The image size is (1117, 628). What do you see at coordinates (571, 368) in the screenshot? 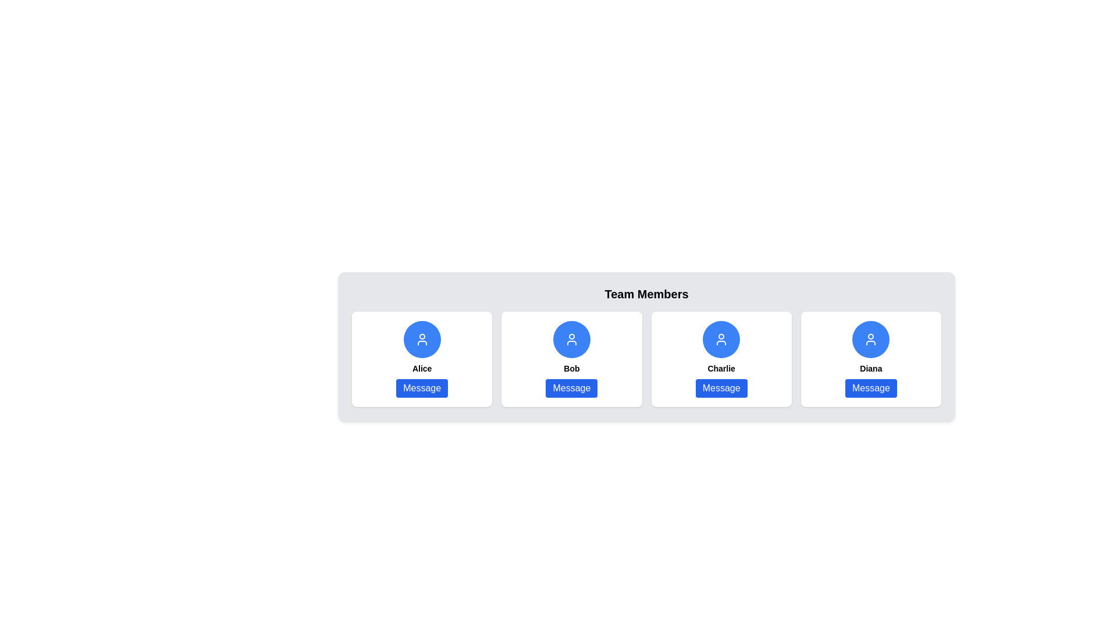
I see `displayed text 'Bob' from the text label located below the avatar icon in the second profile card from the left` at bounding box center [571, 368].